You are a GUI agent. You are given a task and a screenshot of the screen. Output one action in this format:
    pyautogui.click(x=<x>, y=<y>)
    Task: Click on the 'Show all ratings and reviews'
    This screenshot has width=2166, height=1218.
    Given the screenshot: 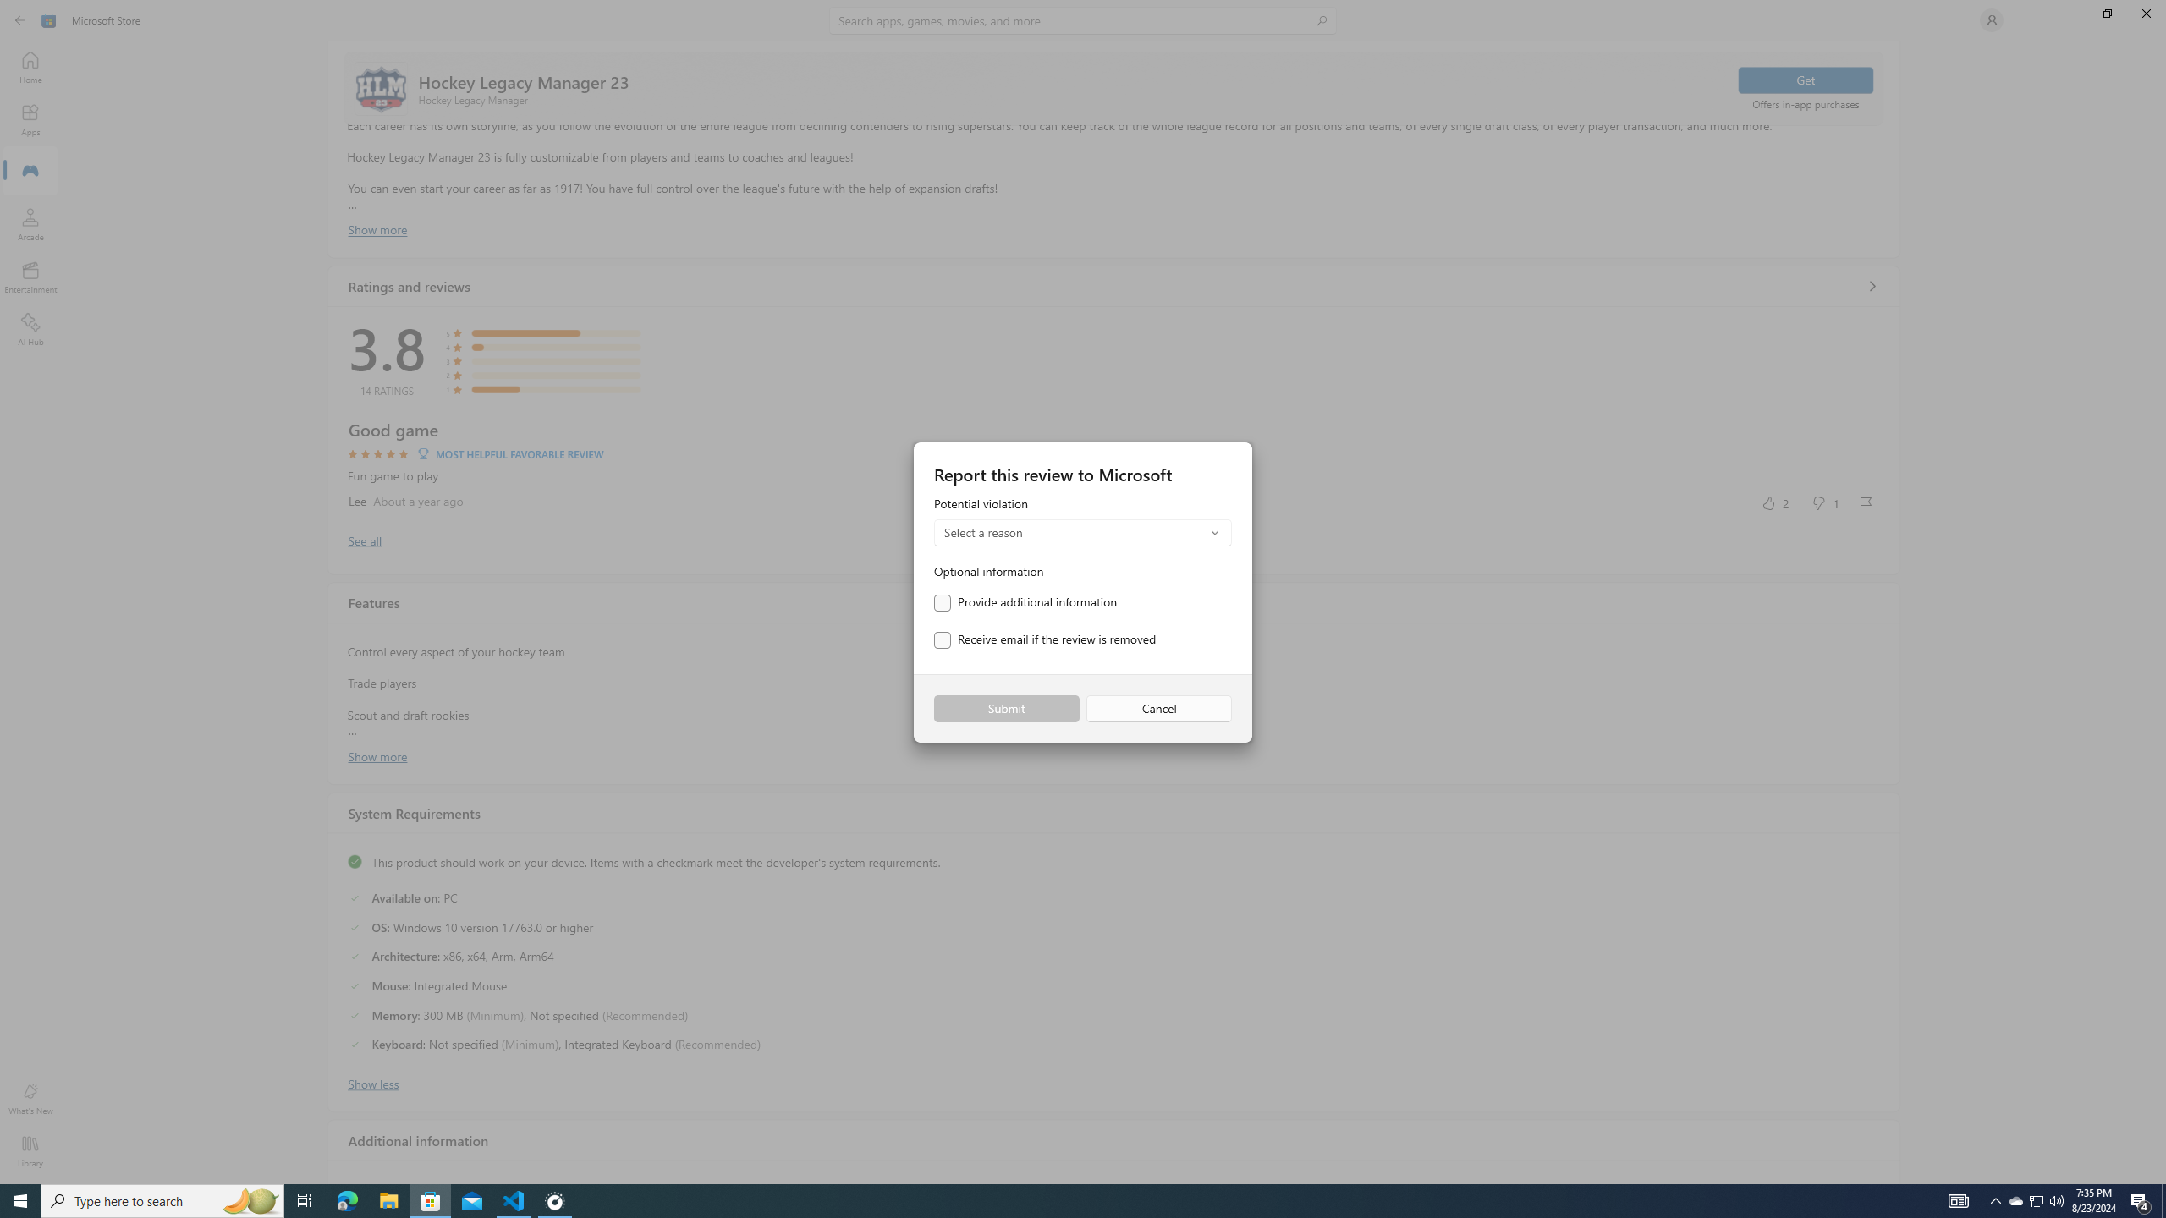 What is the action you would take?
    pyautogui.click(x=363, y=539)
    